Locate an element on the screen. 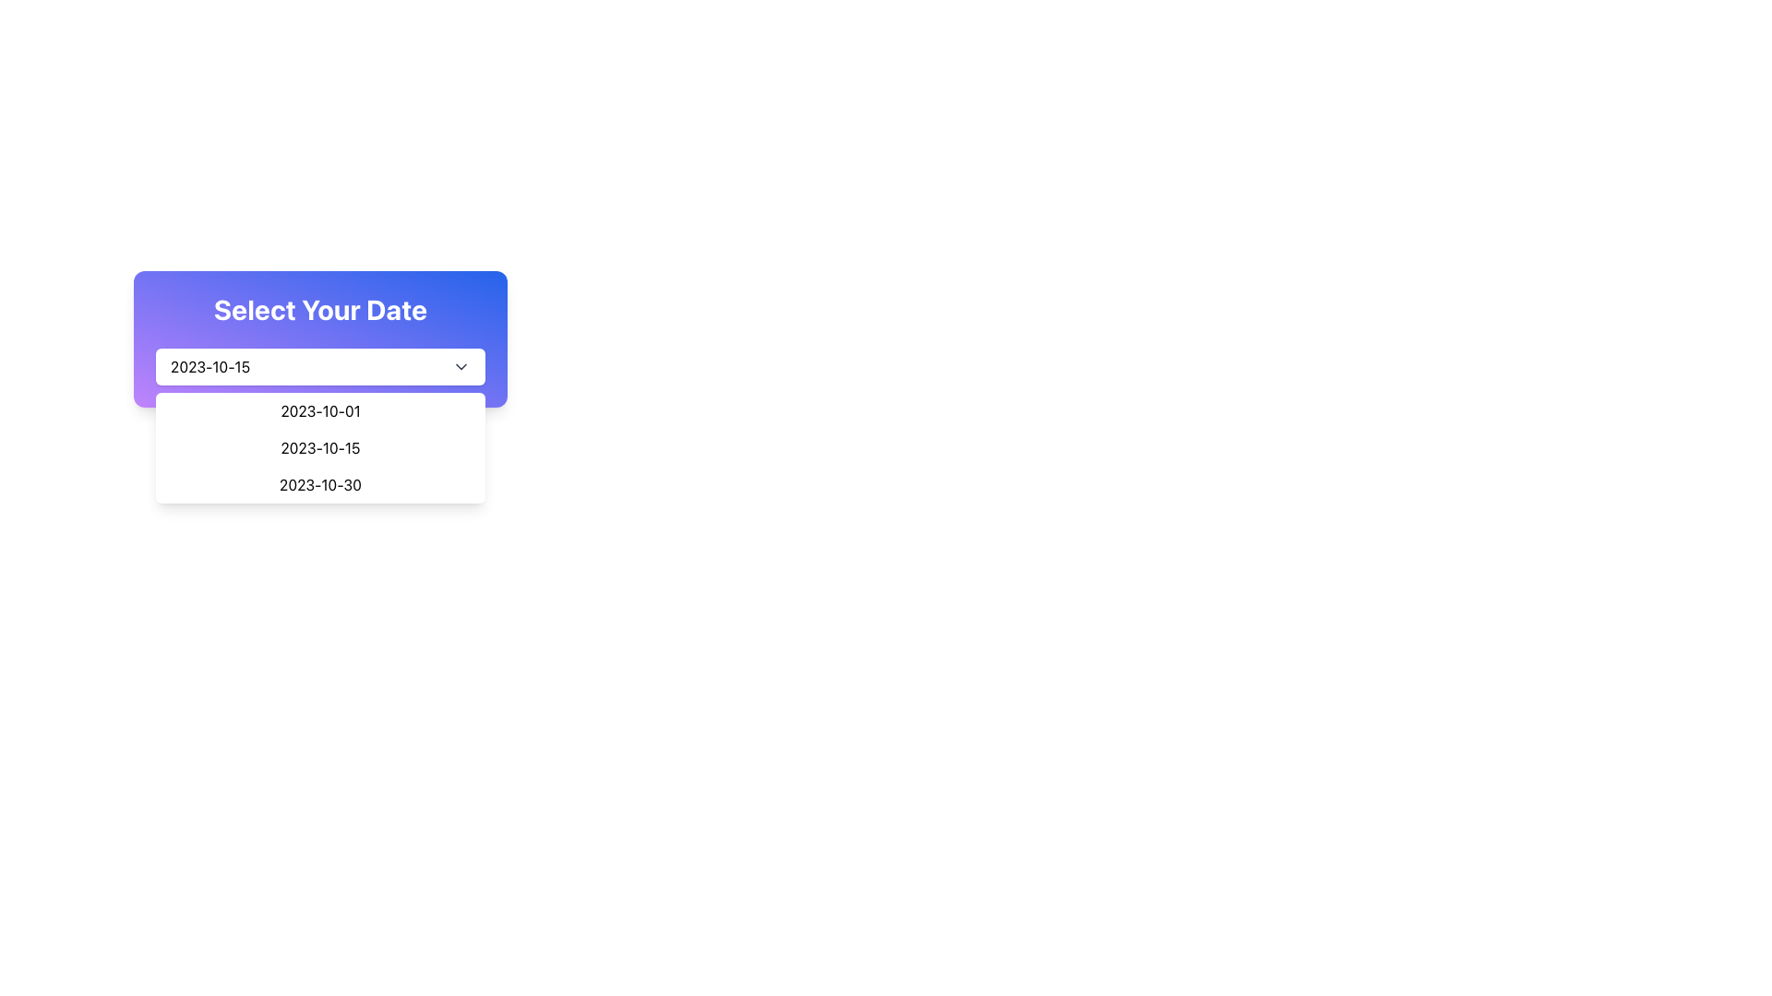 The height and width of the screenshot is (996, 1772). the downward-pointing gray chevron icon located to the right of the date display within the rectangular UI component is located at coordinates (461, 366).